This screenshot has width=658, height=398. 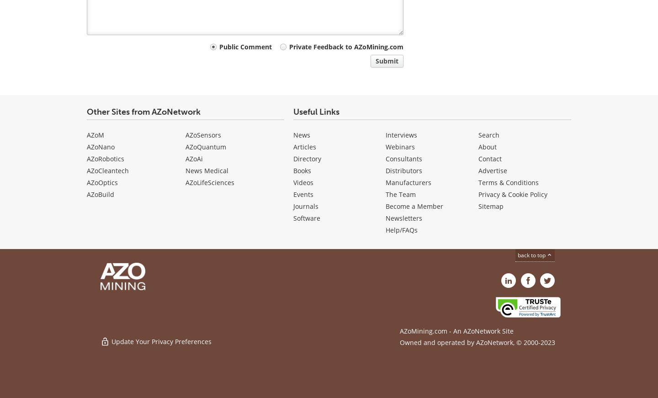 What do you see at coordinates (403, 158) in the screenshot?
I see `'Consultants'` at bounding box center [403, 158].